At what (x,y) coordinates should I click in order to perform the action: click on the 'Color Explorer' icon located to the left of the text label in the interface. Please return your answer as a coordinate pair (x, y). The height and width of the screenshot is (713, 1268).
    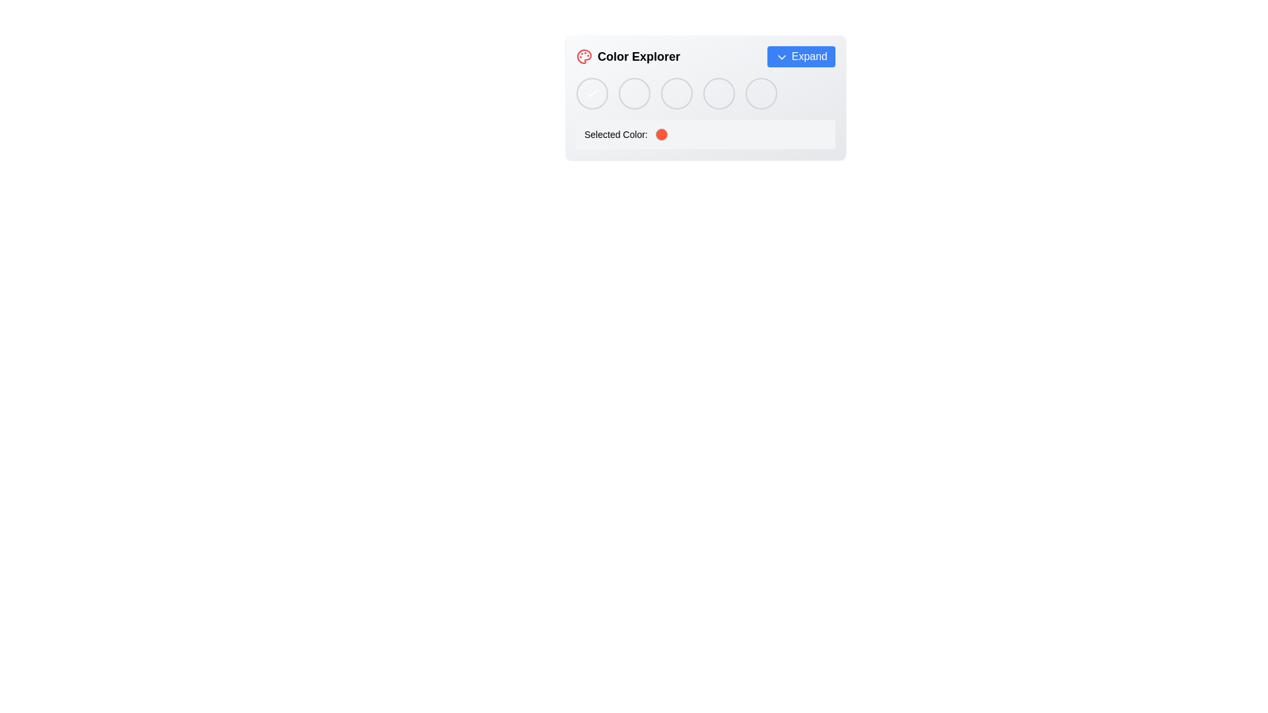
    Looking at the image, I should click on (583, 55).